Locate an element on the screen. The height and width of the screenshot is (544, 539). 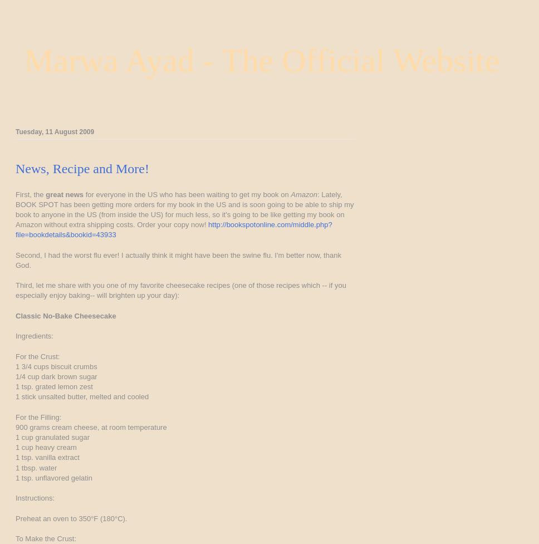
'News, Recipe and More!' is located at coordinates (81, 167).